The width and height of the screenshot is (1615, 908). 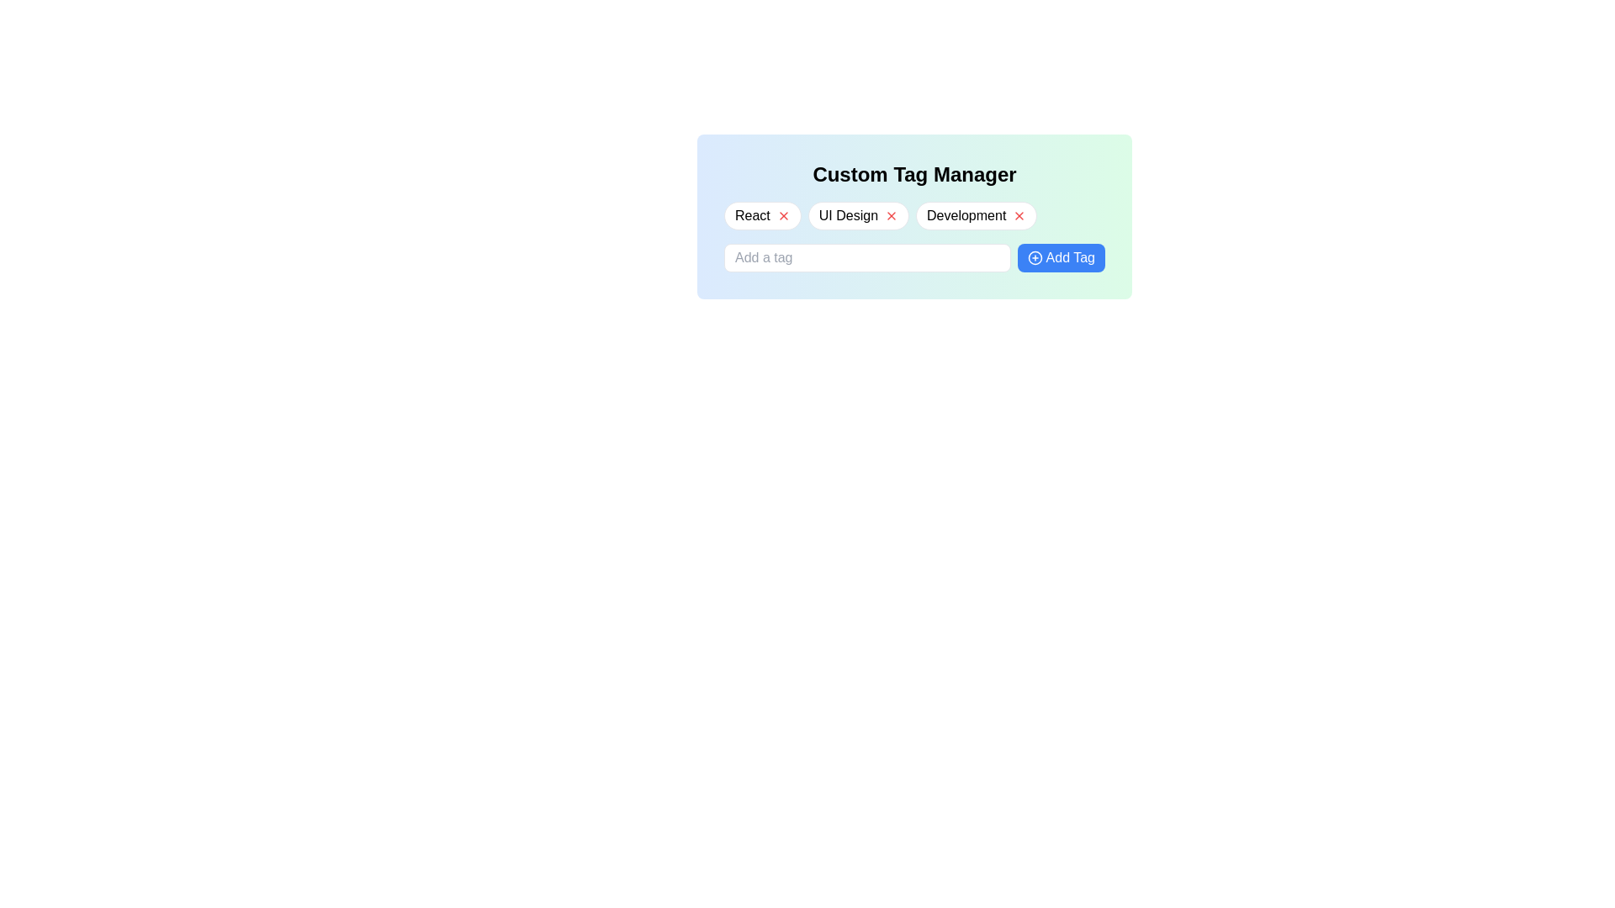 What do you see at coordinates (1034, 258) in the screenshot?
I see `the graphical decorative circle that enhances the 'Add Tag' button located in the top-right section of the tag management UI` at bounding box center [1034, 258].